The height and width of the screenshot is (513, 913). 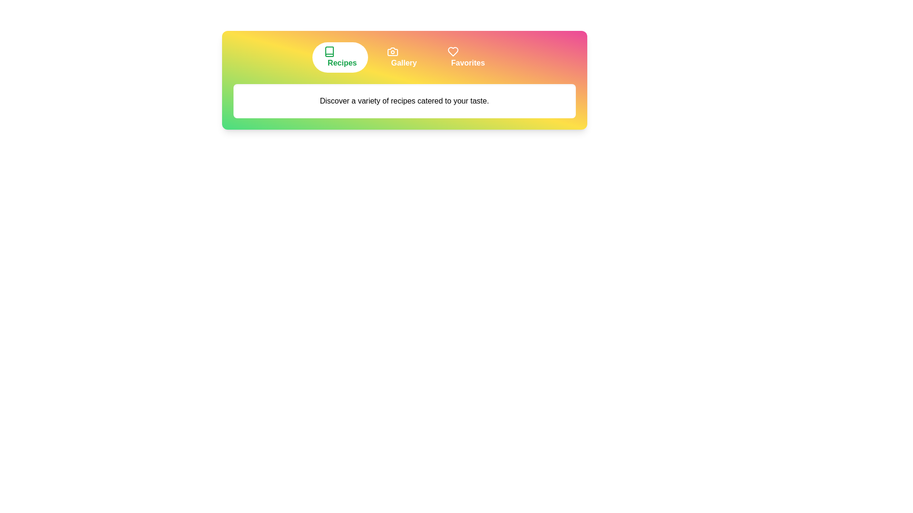 I want to click on the Gallery button to activate it, so click(x=402, y=57).